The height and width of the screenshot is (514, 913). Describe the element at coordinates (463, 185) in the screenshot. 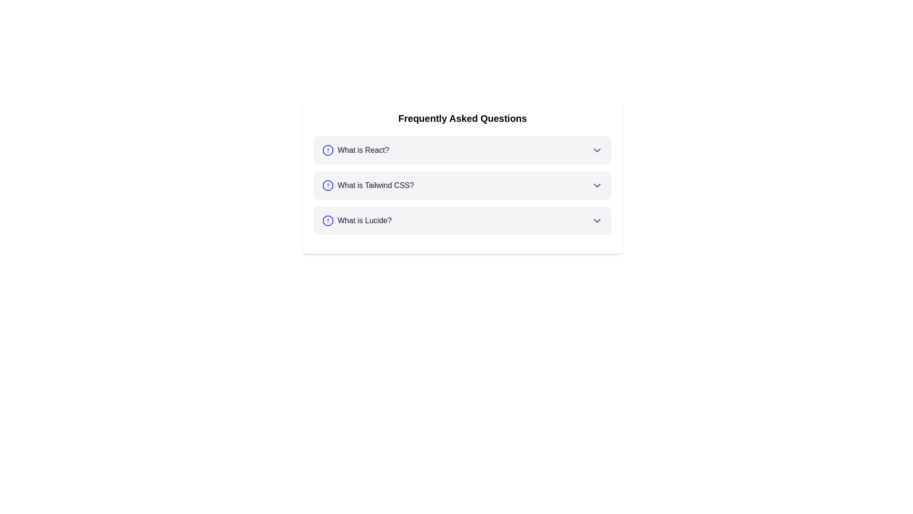

I see `the Expandable List Item displaying the question 'What is Tailwind CSS?'` at that location.